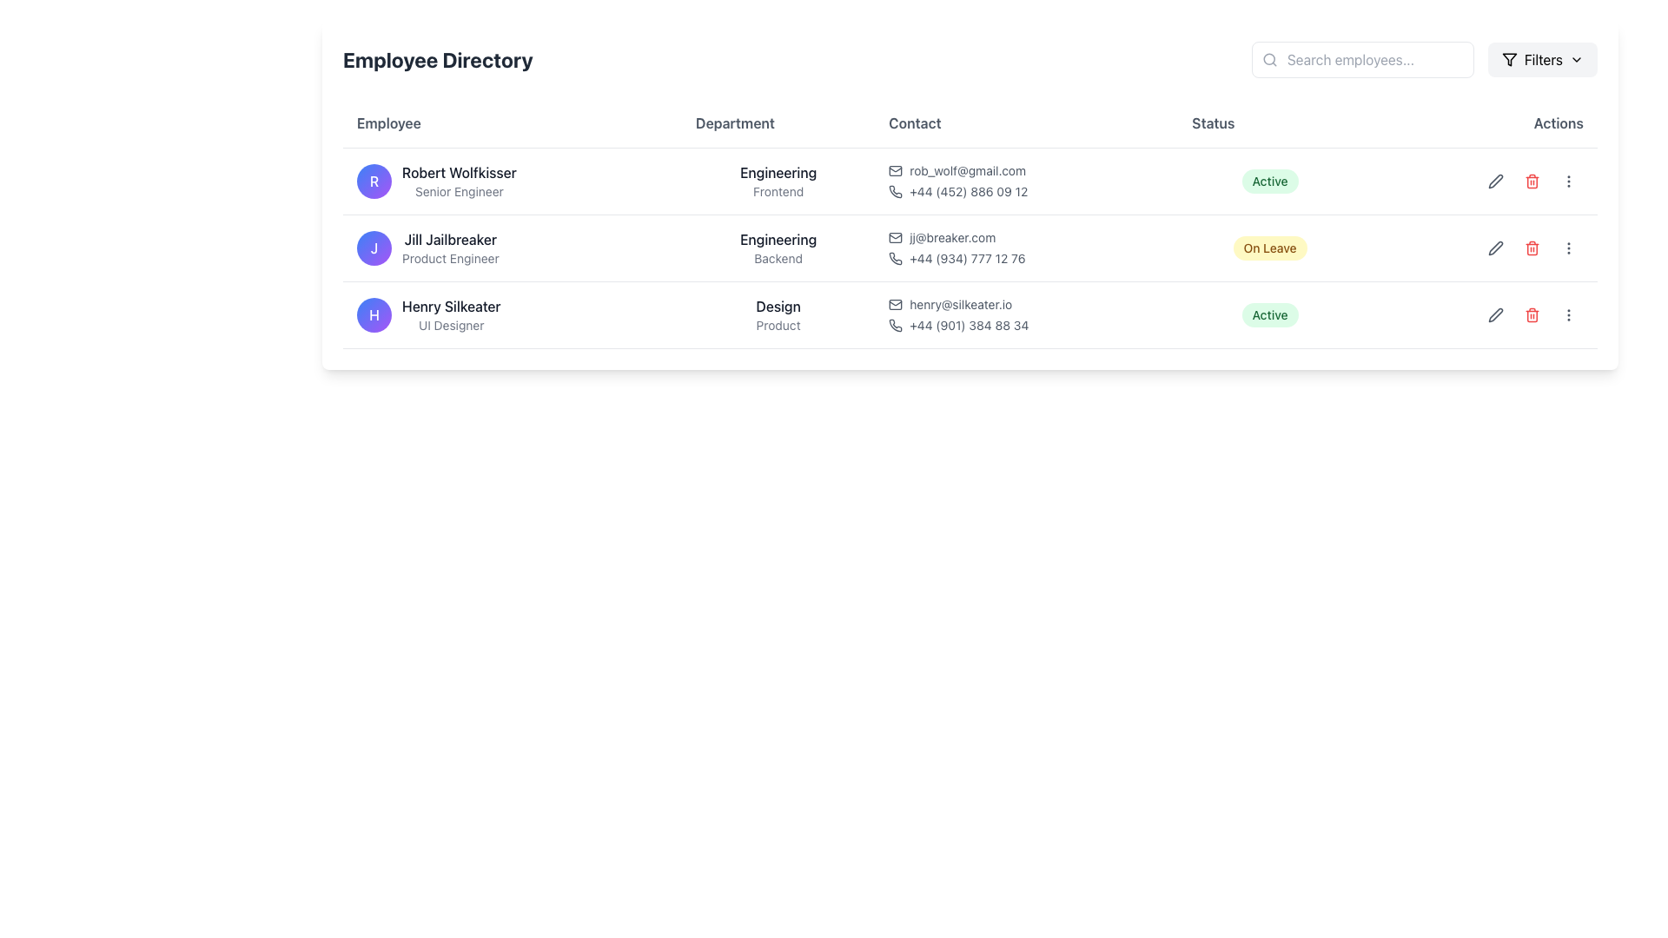 This screenshot has width=1668, height=938. What do you see at coordinates (1479, 314) in the screenshot?
I see `the edit icon (pen) in the 'Actions' column of the last row adjacent to the 'Active' status indicator for 'Henry Silkeater' to modify the entry` at bounding box center [1479, 314].